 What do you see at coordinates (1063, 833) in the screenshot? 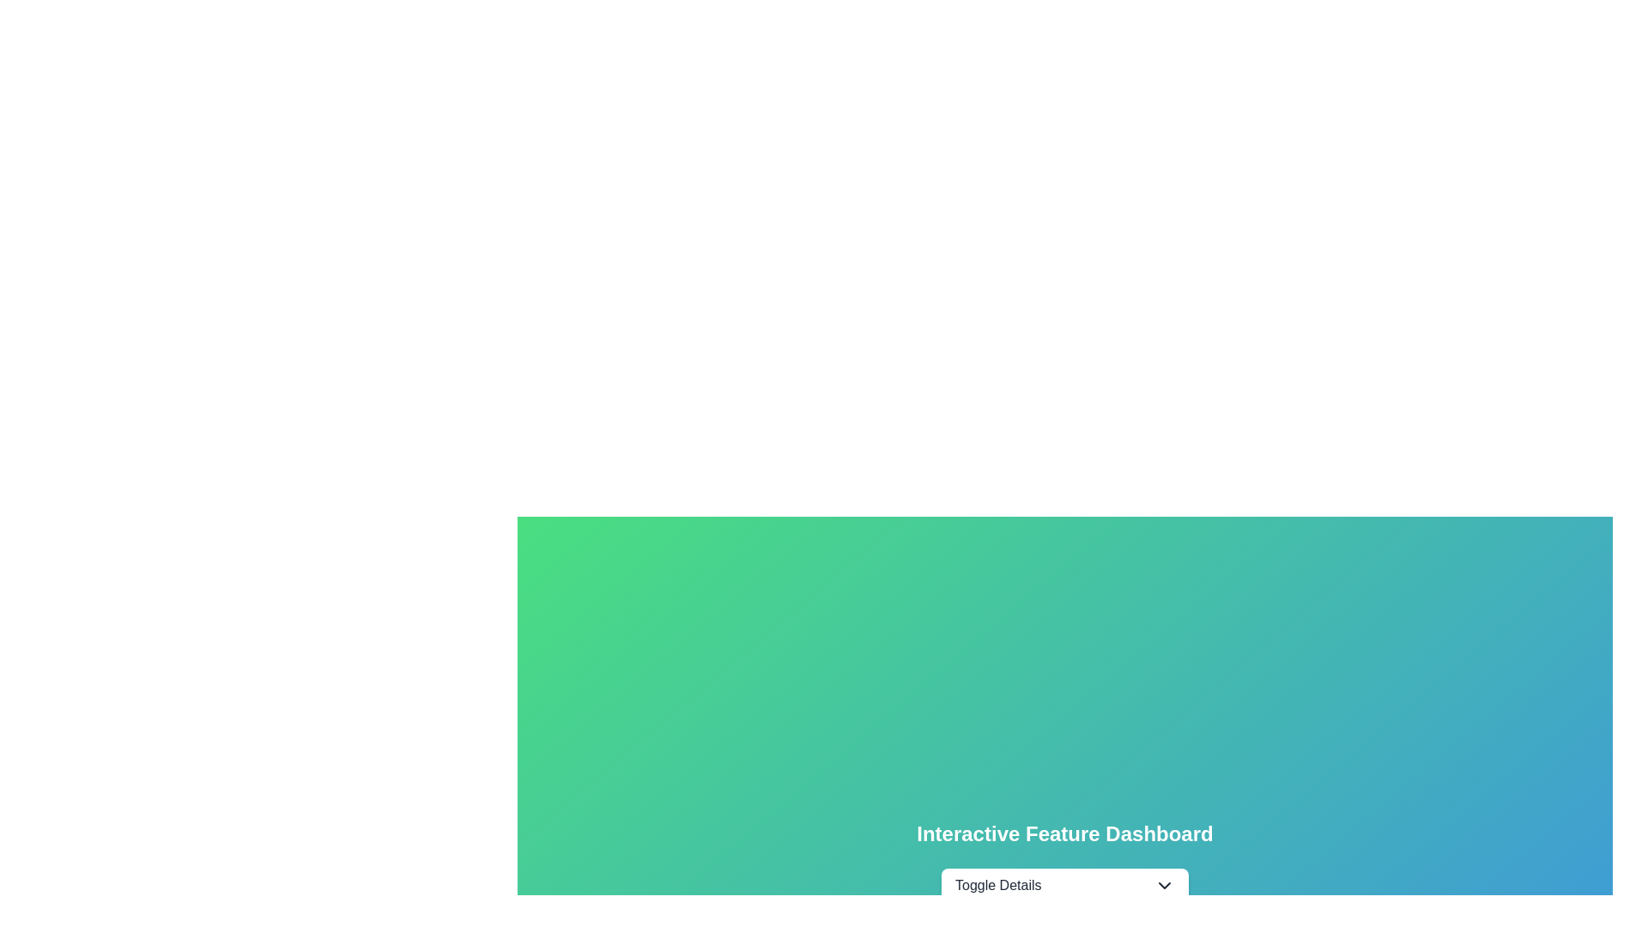
I see `the title label that introduces the interactive feature dashboard functionality of the application` at bounding box center [1063, 833].